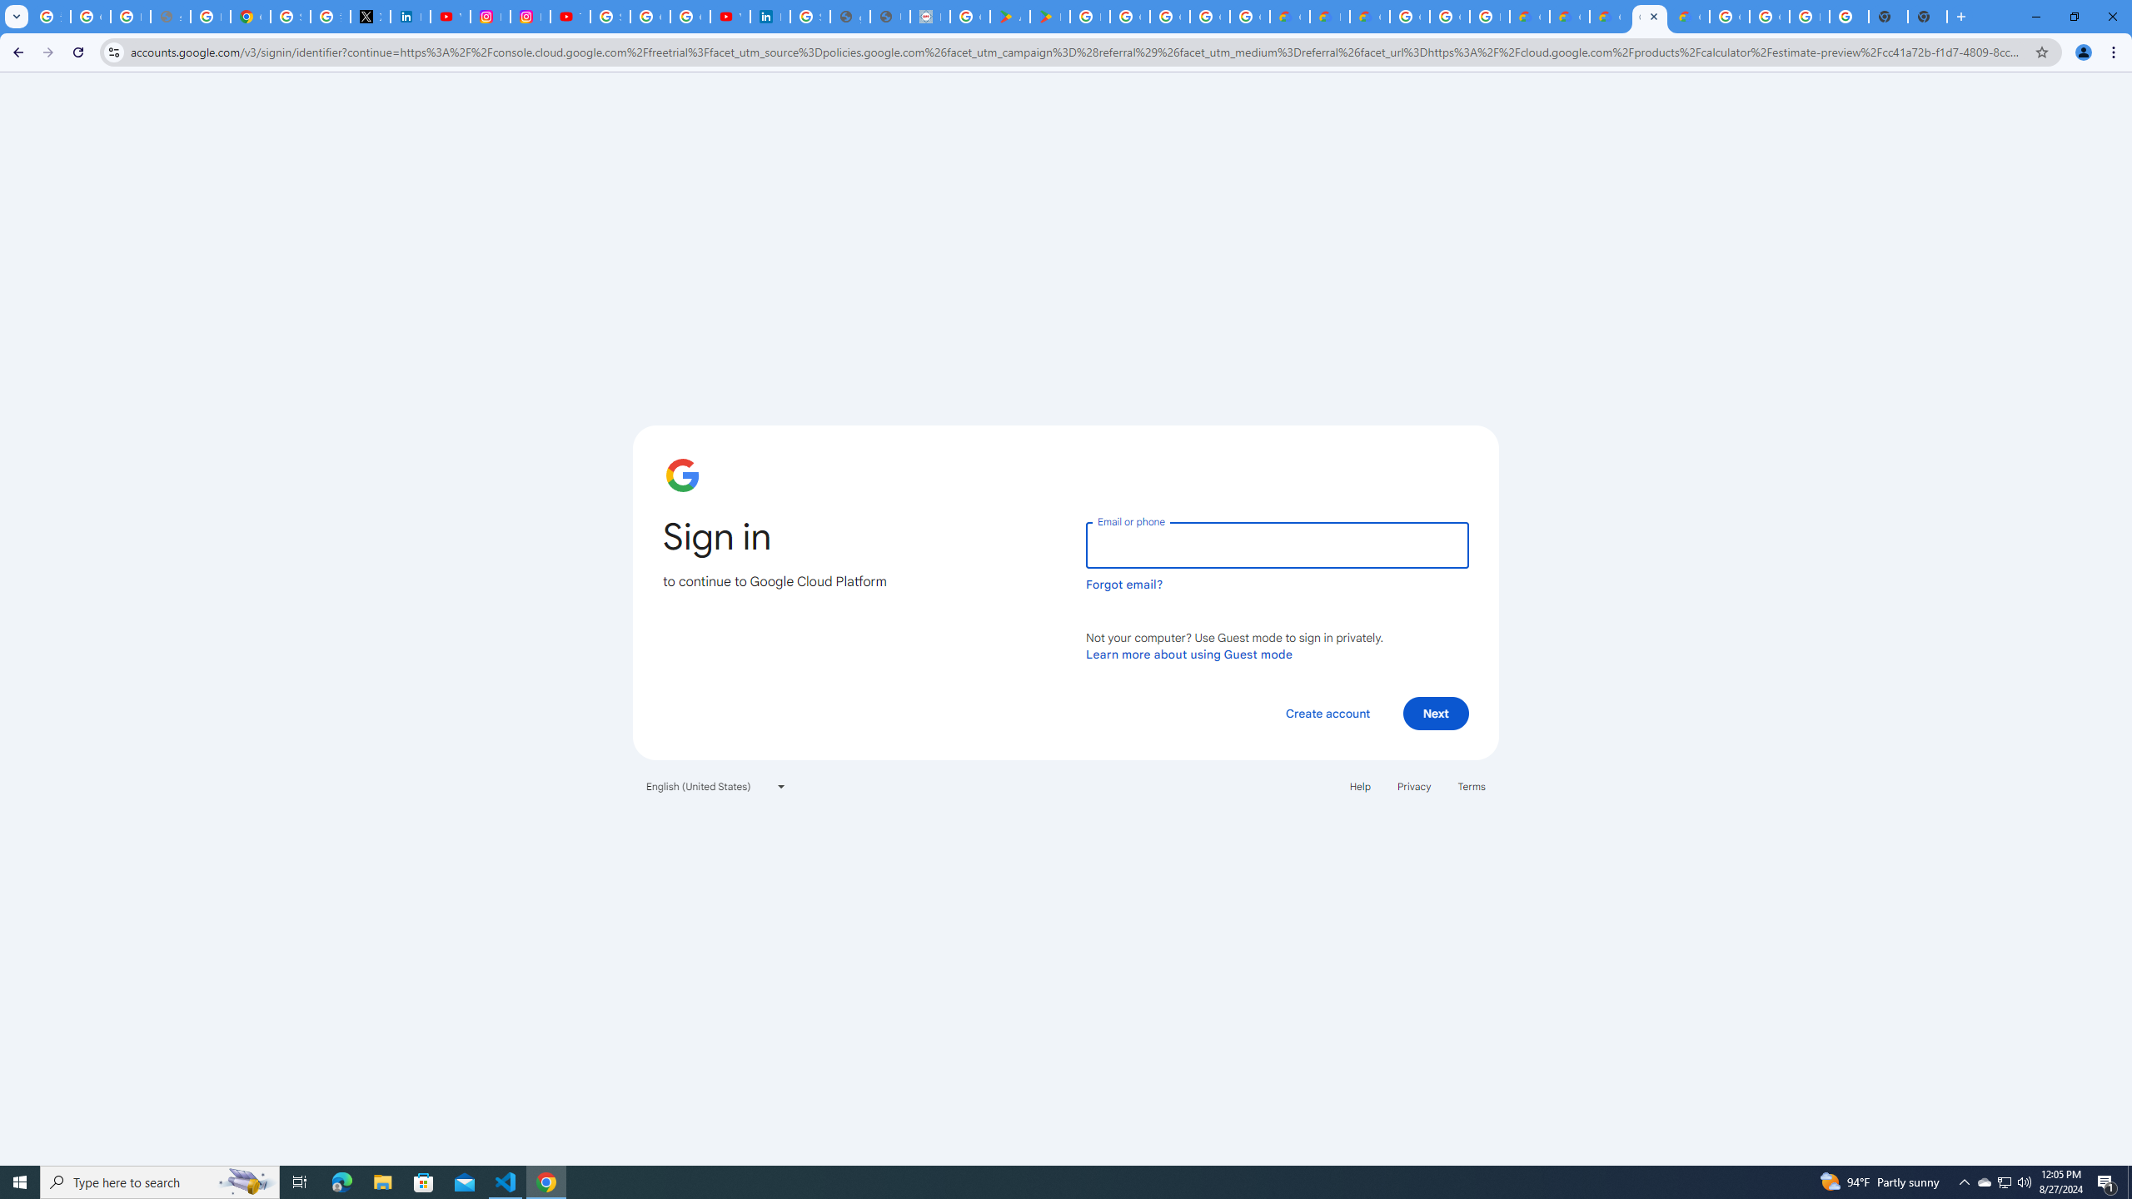 The width and height of the screenshot is (2132, 1199). What do you see at coordinates (1049, 16) in the screenshot?
I see `'PAW Patrol Rescue World - Apps on Google Play'` at bounding box center [1049, 16].